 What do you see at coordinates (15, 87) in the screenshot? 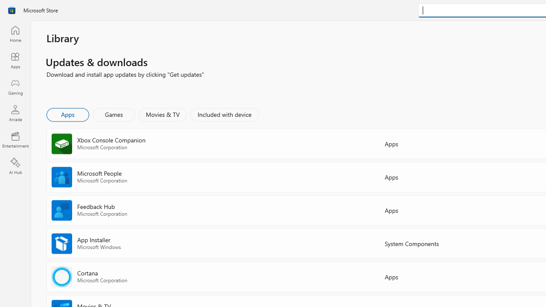
I see `'Gaming'` at bounding box center [15, 87].